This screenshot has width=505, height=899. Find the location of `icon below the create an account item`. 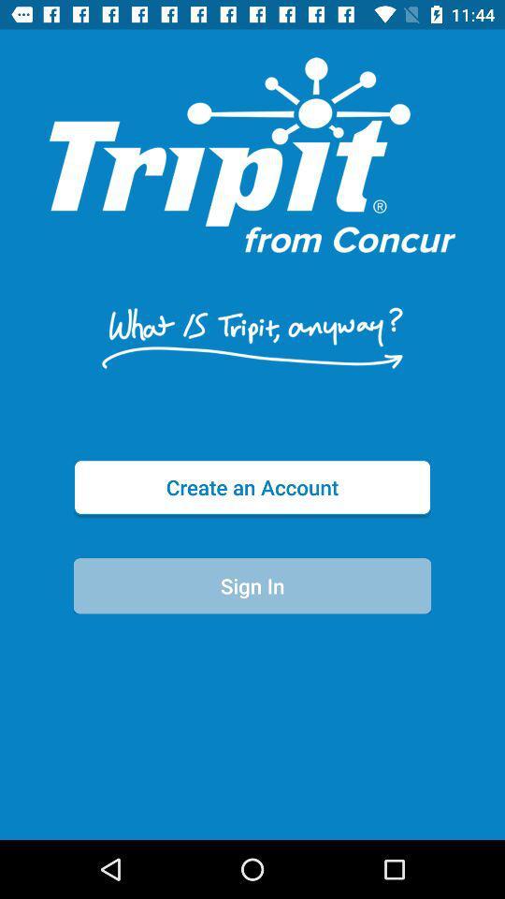

icon below the create an account item is located at coordinates (252, 584).